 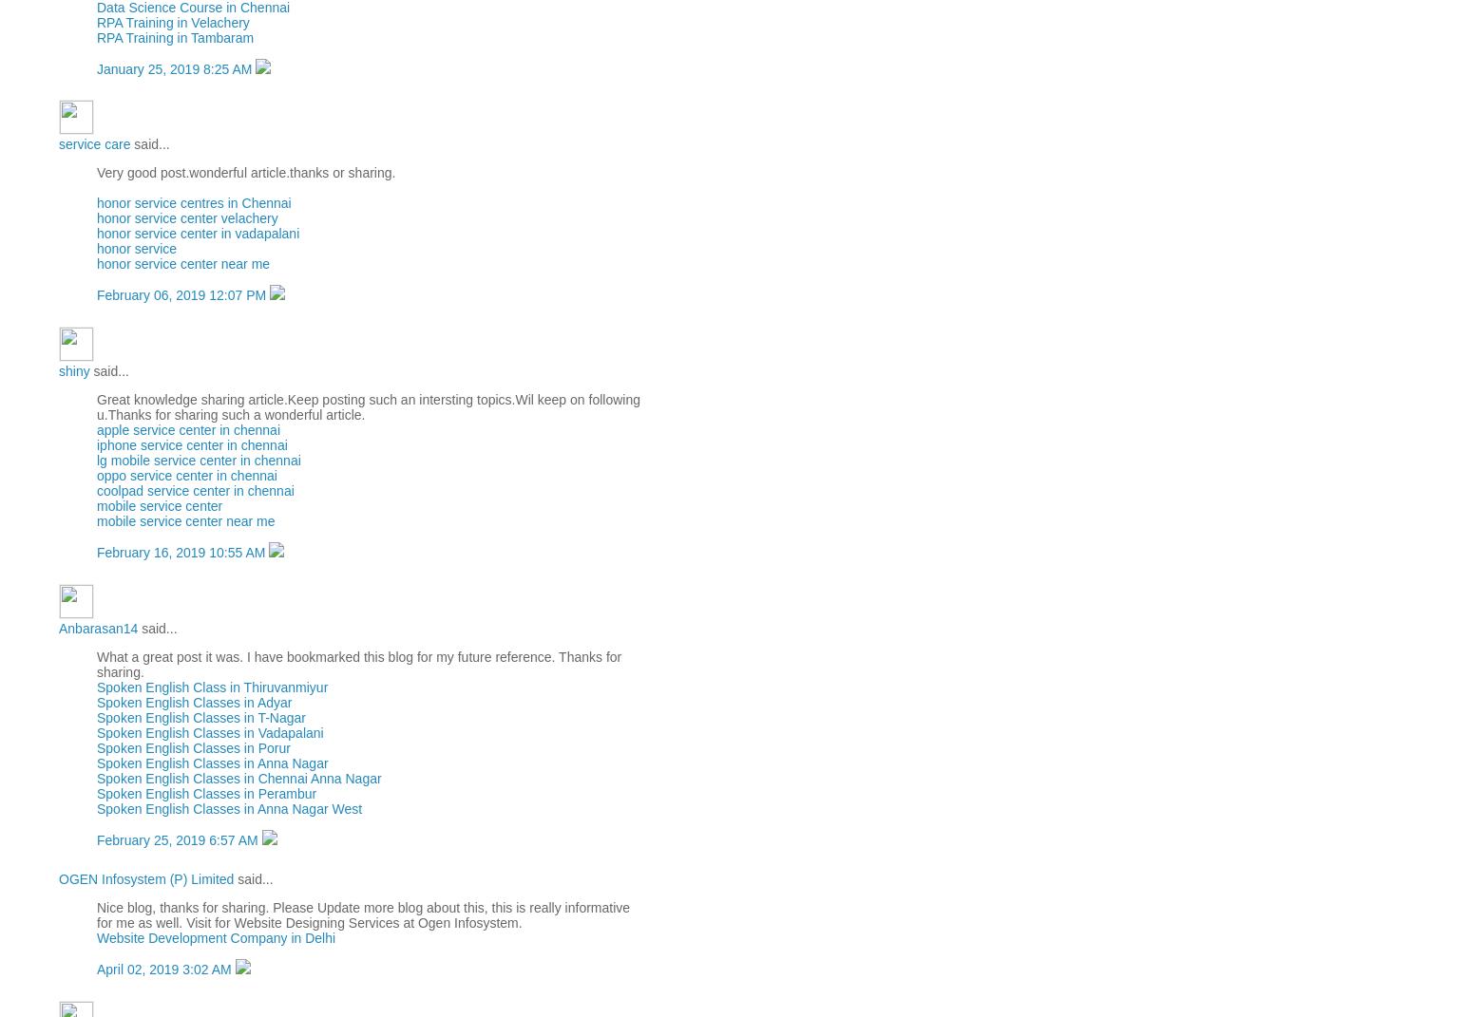 I want to click on 'Spoken English Classes in Vadapalani', so click(x=209, y=731).